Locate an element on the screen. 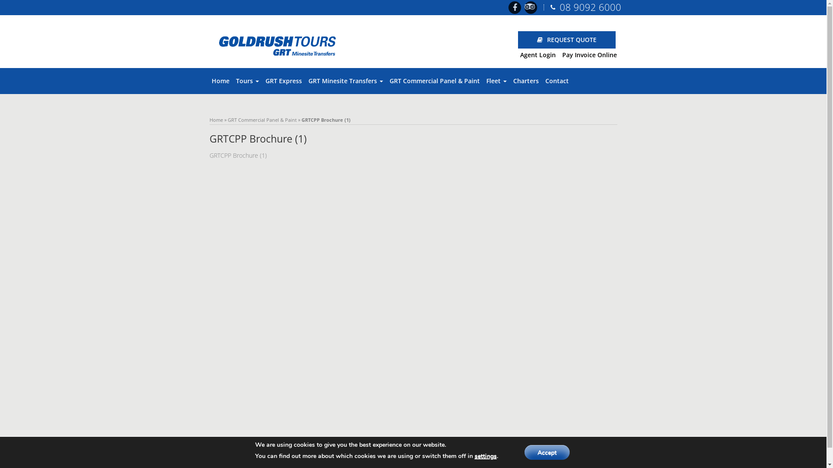 This screenshot has width=833, height=468. 'Accept' is located at coordinates (547, 452).